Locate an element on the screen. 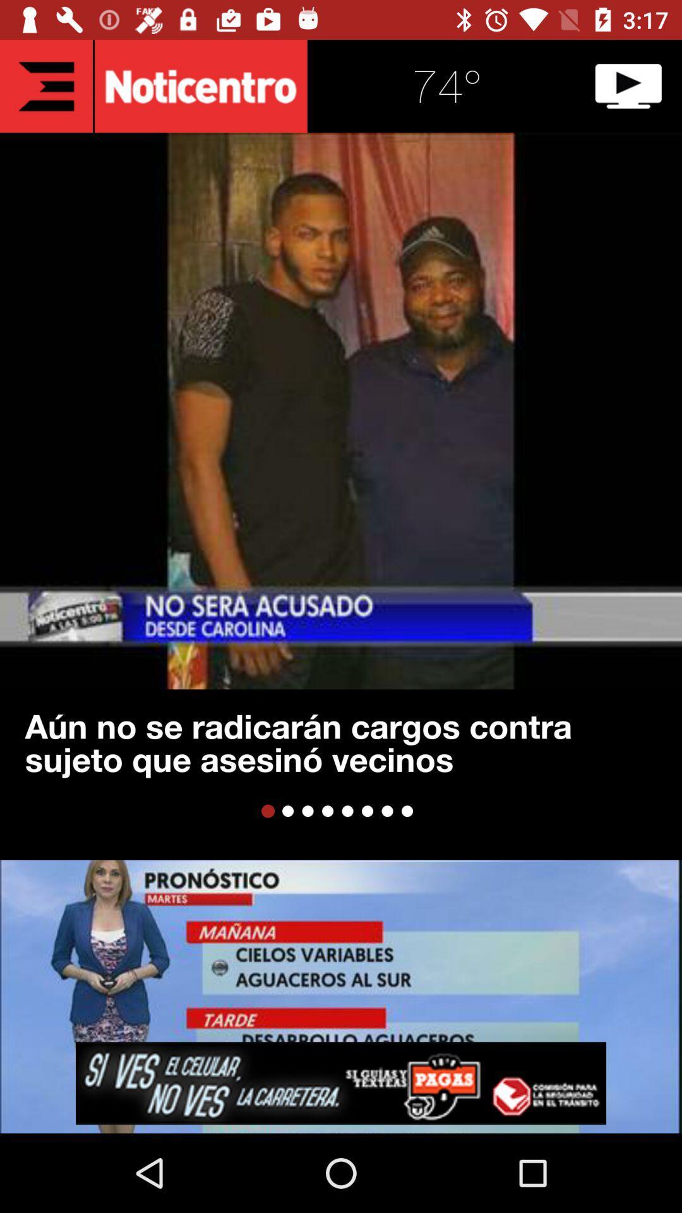 The height and width of the screenshot is (1213, 682). click the play button is located at coordinates (628, 85).